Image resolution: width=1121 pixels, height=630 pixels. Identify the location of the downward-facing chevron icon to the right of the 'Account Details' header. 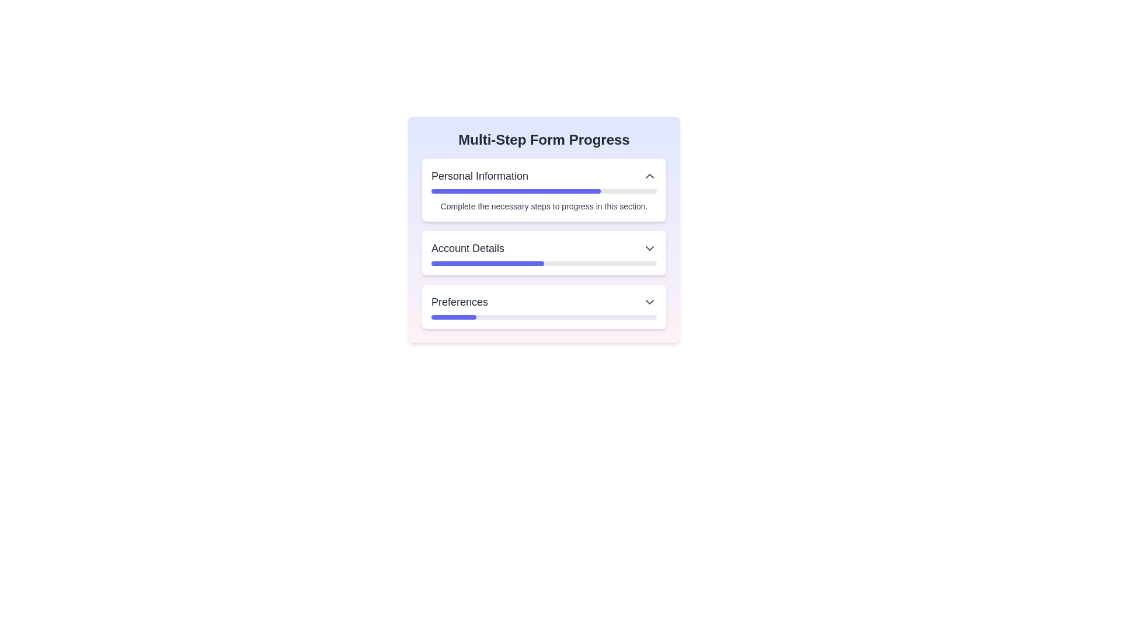
(649, 247).